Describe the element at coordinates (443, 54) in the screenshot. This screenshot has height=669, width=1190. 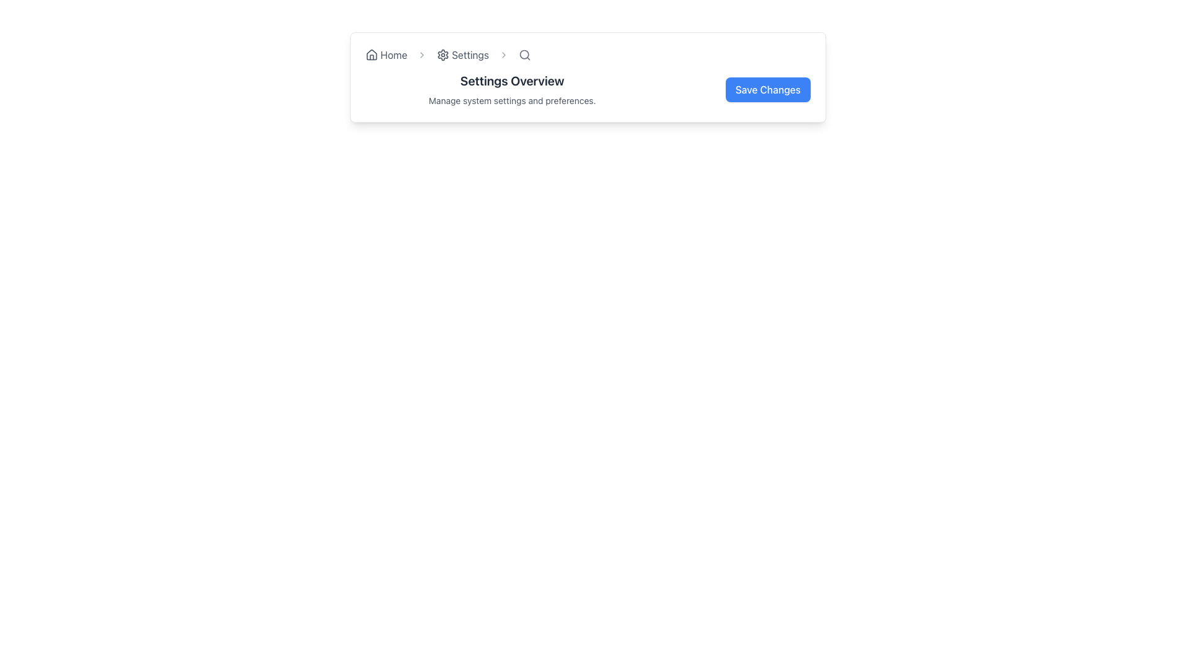
I see `the gear icon located in the navigation breadcrumb trail, positioned between the 'Home' and 'Search' icons` at that location.